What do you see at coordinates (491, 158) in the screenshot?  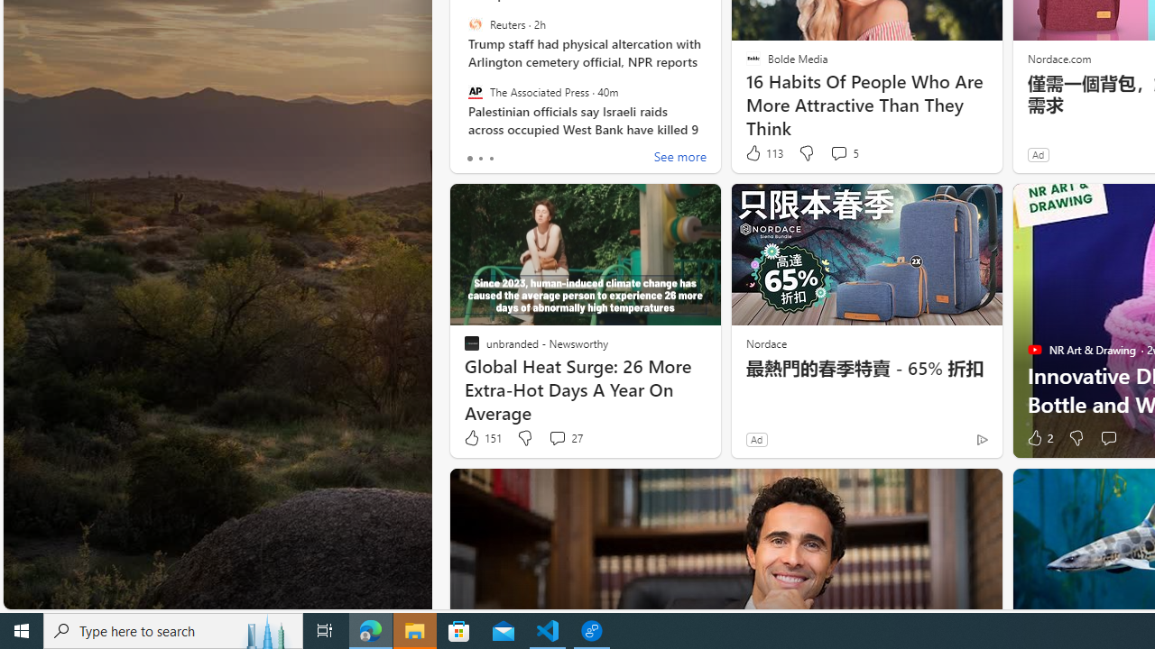 I see `'tab-2'` at bounding box center [491, 158].